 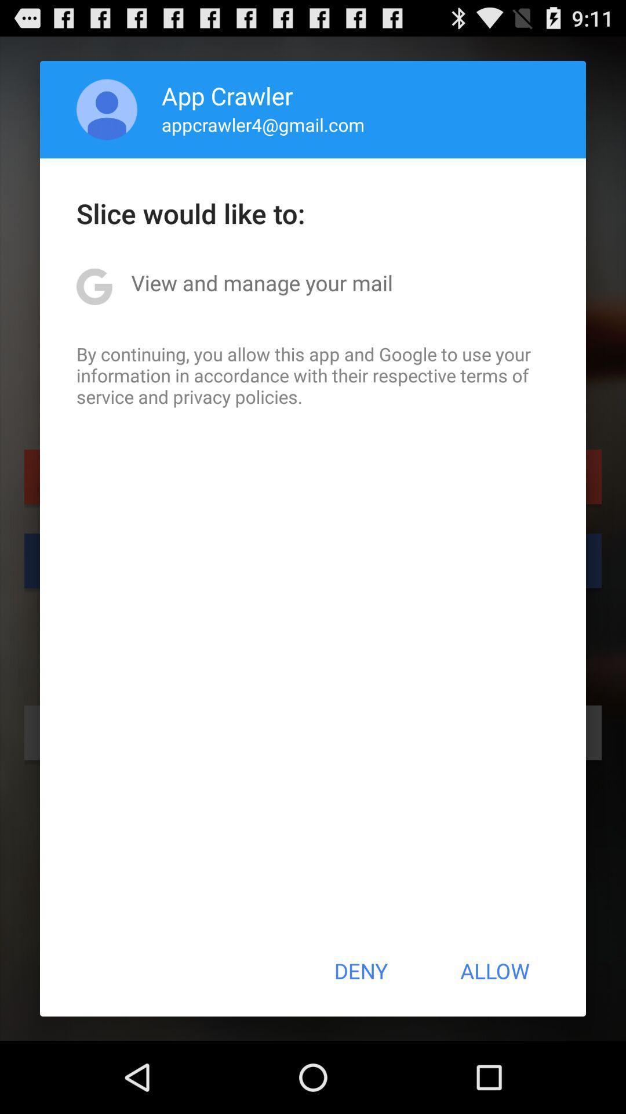 I want to click on the app above the slice would like icon, so click(x=107, y=109).